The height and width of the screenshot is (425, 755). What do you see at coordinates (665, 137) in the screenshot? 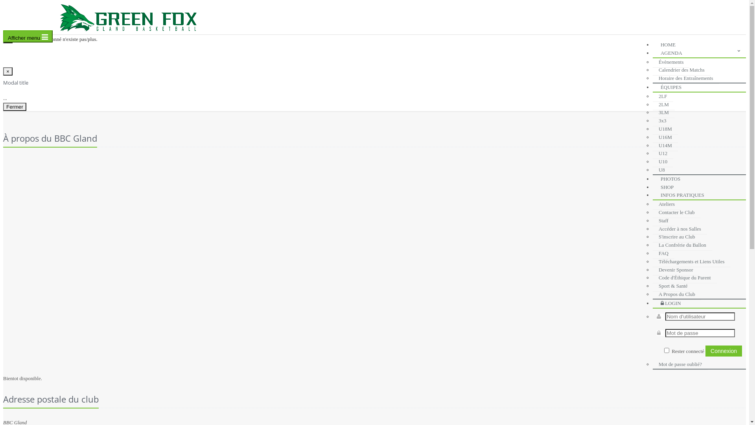
I see `'U16M'` at bounding box center [665, 137].